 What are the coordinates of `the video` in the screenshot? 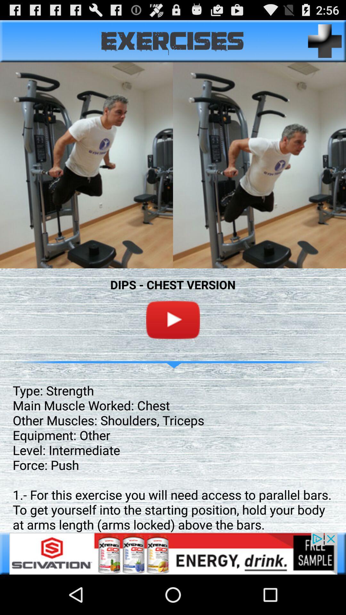 It's located at (173, 320).